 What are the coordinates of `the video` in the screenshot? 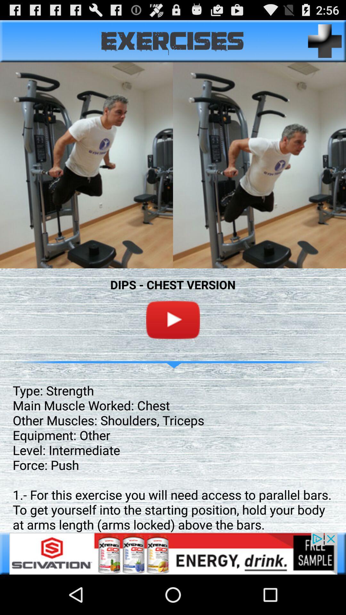 It's located at (173, 320).